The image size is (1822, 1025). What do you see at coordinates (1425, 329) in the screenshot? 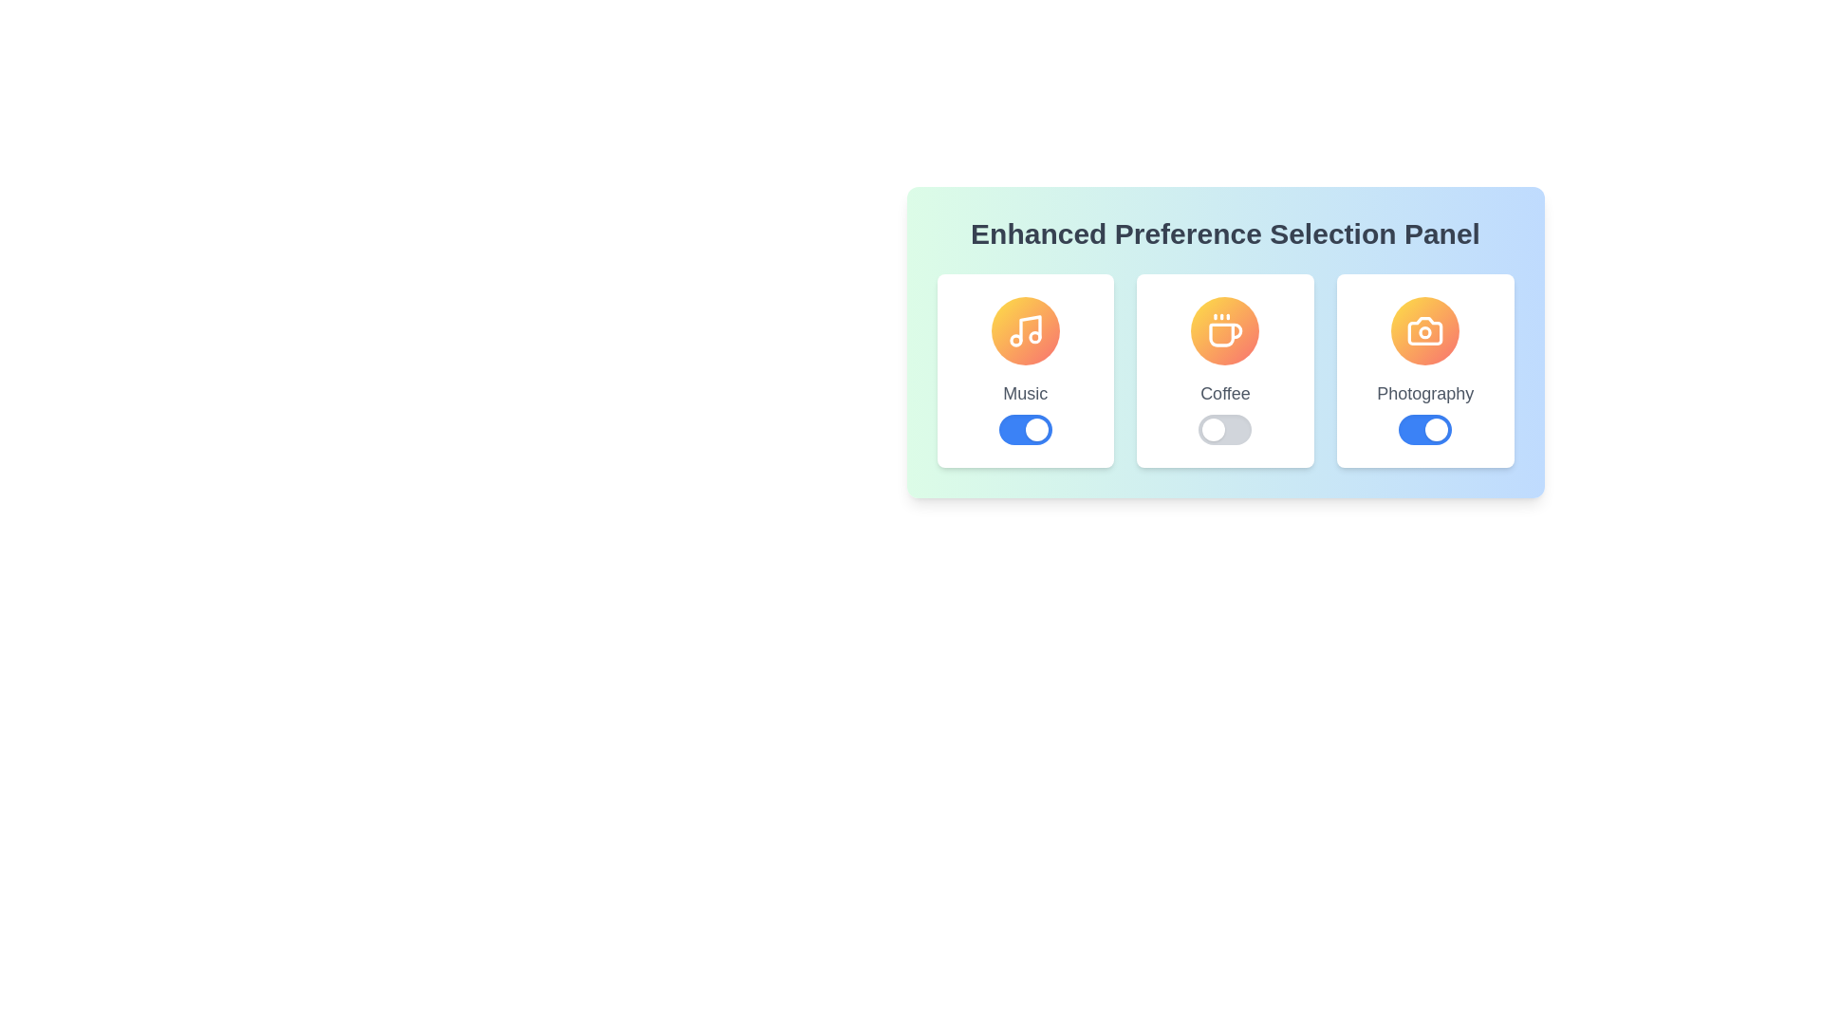
I see `the icon for Photography` at bounding box center [1425, 329].